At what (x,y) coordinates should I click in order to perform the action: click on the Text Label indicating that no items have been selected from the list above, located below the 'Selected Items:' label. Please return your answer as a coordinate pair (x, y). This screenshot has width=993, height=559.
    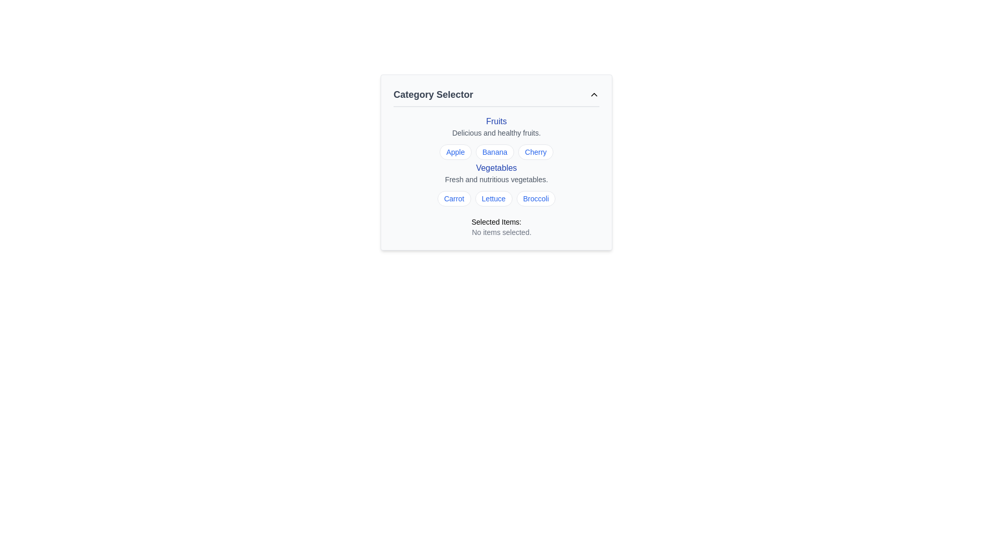
    Looking at the image, I should click on (496, 231).